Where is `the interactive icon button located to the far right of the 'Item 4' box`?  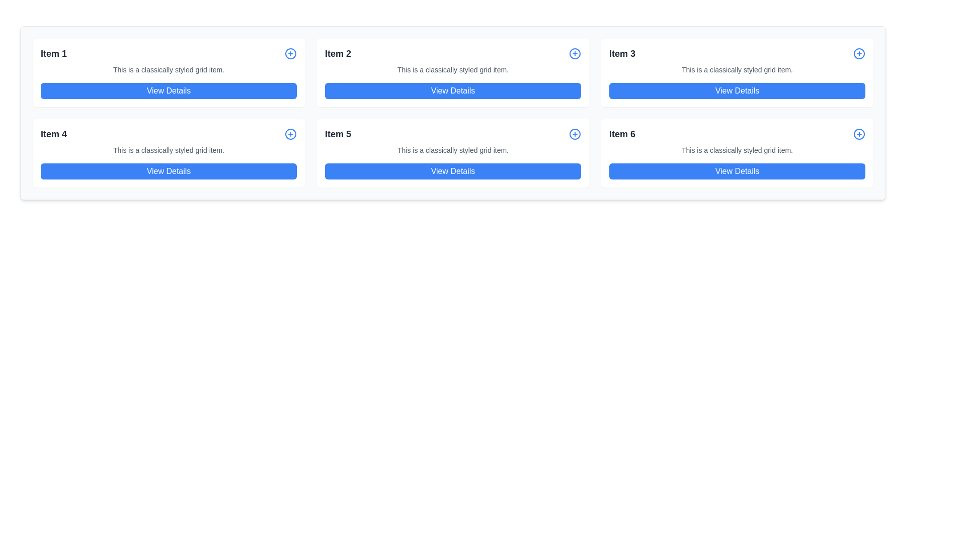 the interactive icon button located to the far right of the 'Item 4' box is located at coordinates (290, 133).